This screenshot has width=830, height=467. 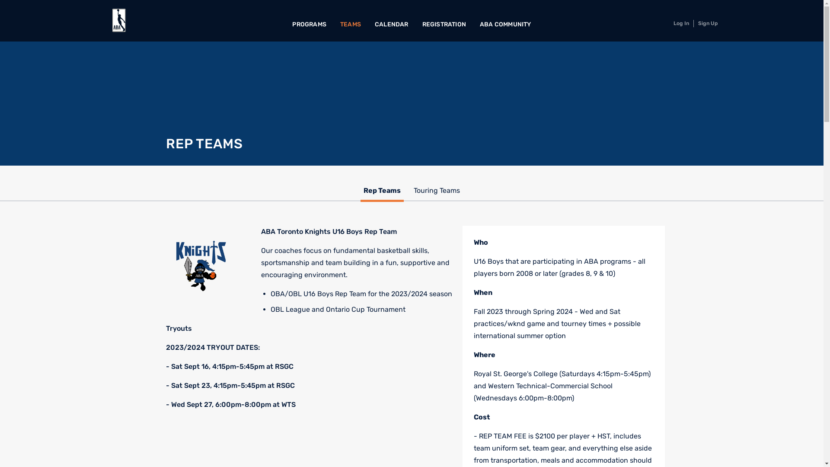 What do you see at coordinates (438, 264) in the screenshot?
I see `'Sign me up'` at bounding box center [438, 264].